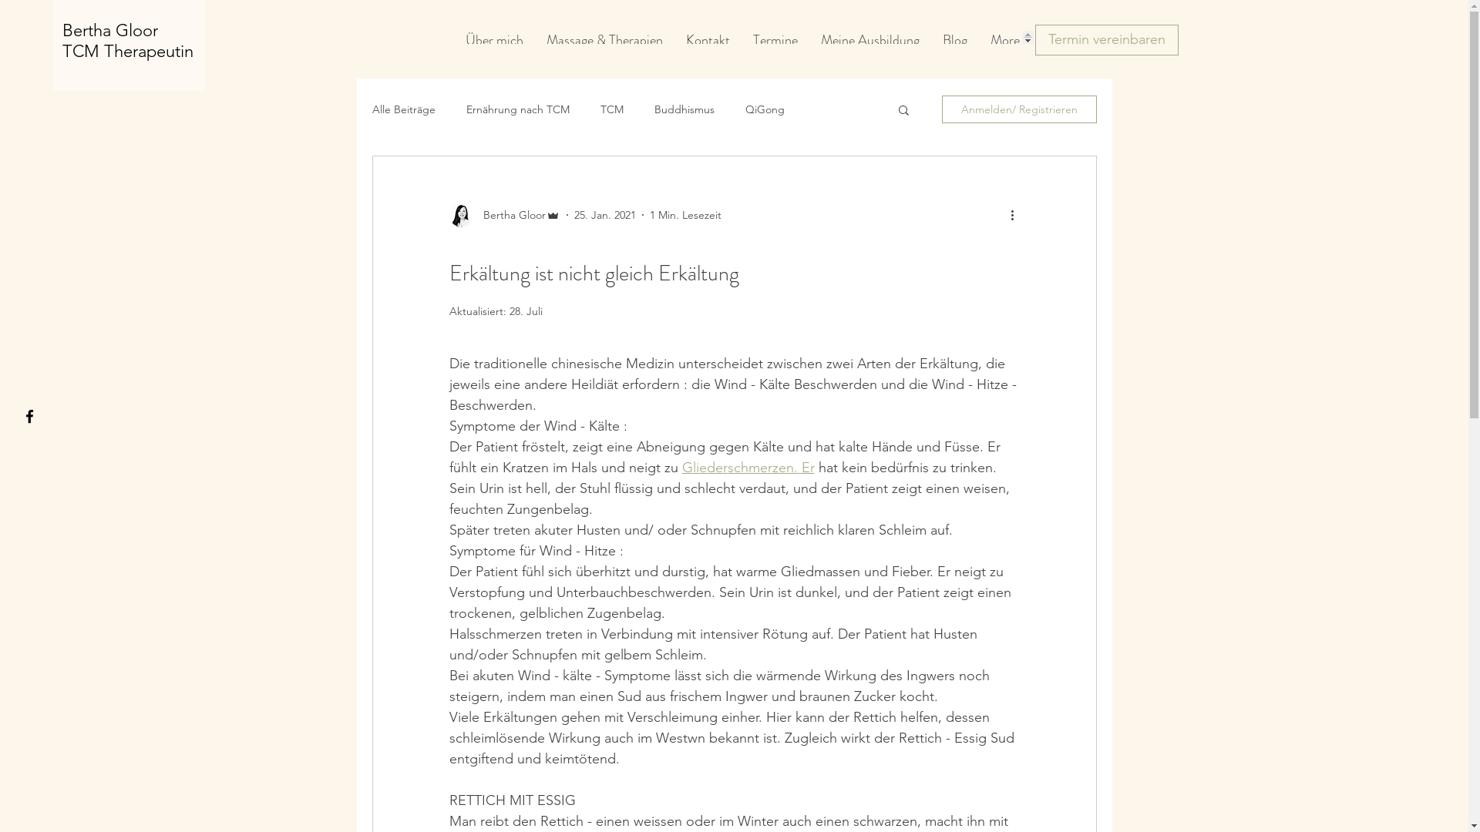 The width and height of the screenshot is (1480, 832). I want to click on 'TCM', so click(610, 109).